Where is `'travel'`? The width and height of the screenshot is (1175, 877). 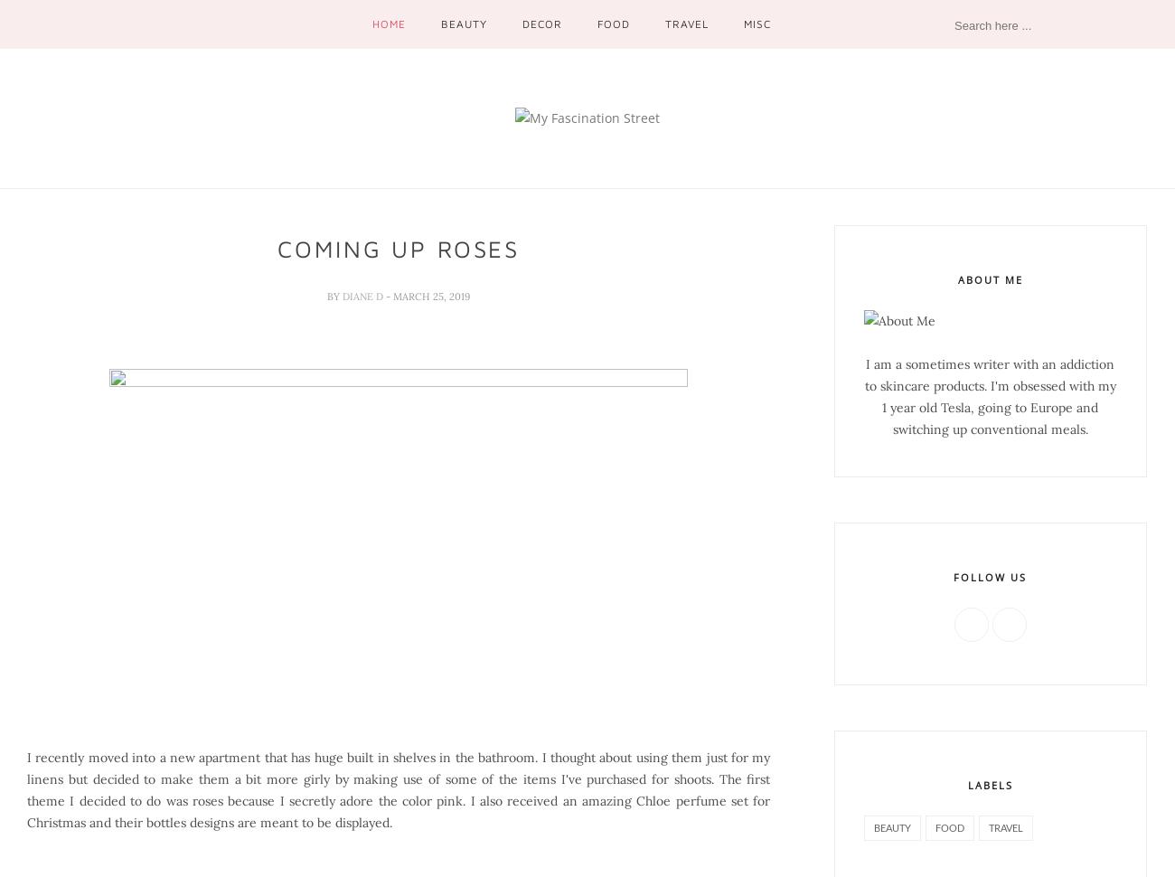 'travel' is located at coordinates (1004, 827).